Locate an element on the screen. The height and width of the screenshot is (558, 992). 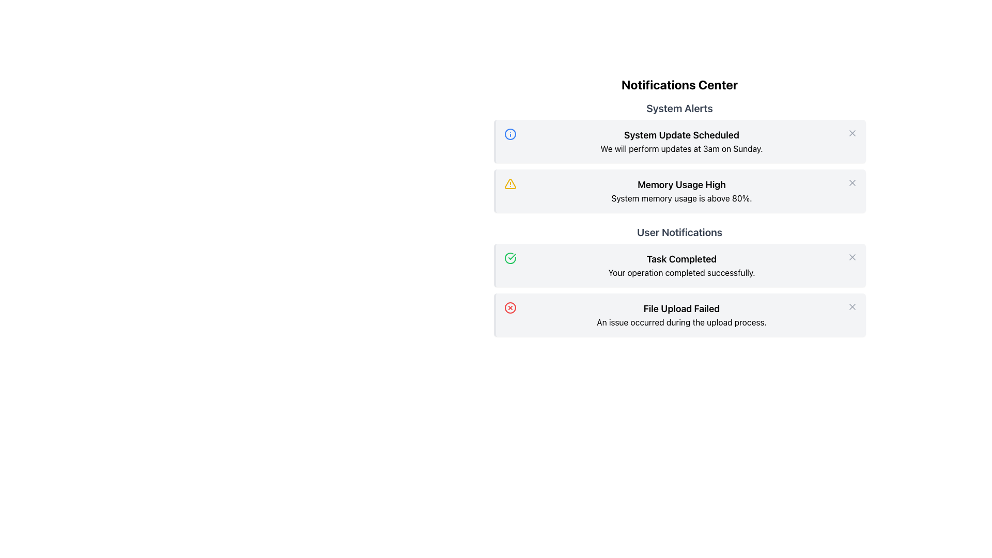
the 'close' button located at the top-right corner of the 'System Update Scheduled' notification card in the 'System Alerts' section is located at coordinates (852, 133).